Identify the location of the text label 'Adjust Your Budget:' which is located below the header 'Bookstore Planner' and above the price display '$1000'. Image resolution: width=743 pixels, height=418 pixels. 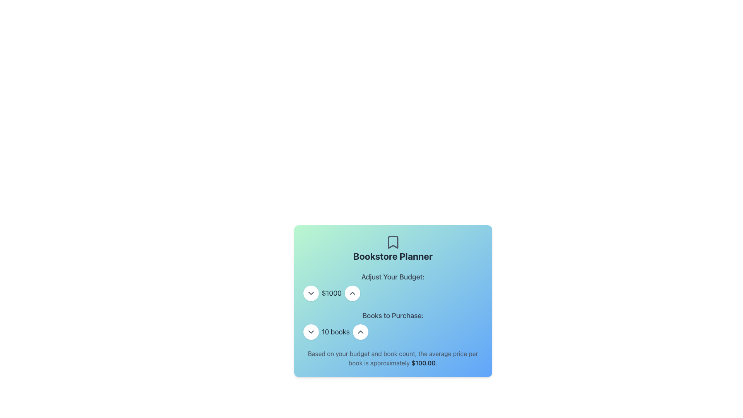
(393, 277).